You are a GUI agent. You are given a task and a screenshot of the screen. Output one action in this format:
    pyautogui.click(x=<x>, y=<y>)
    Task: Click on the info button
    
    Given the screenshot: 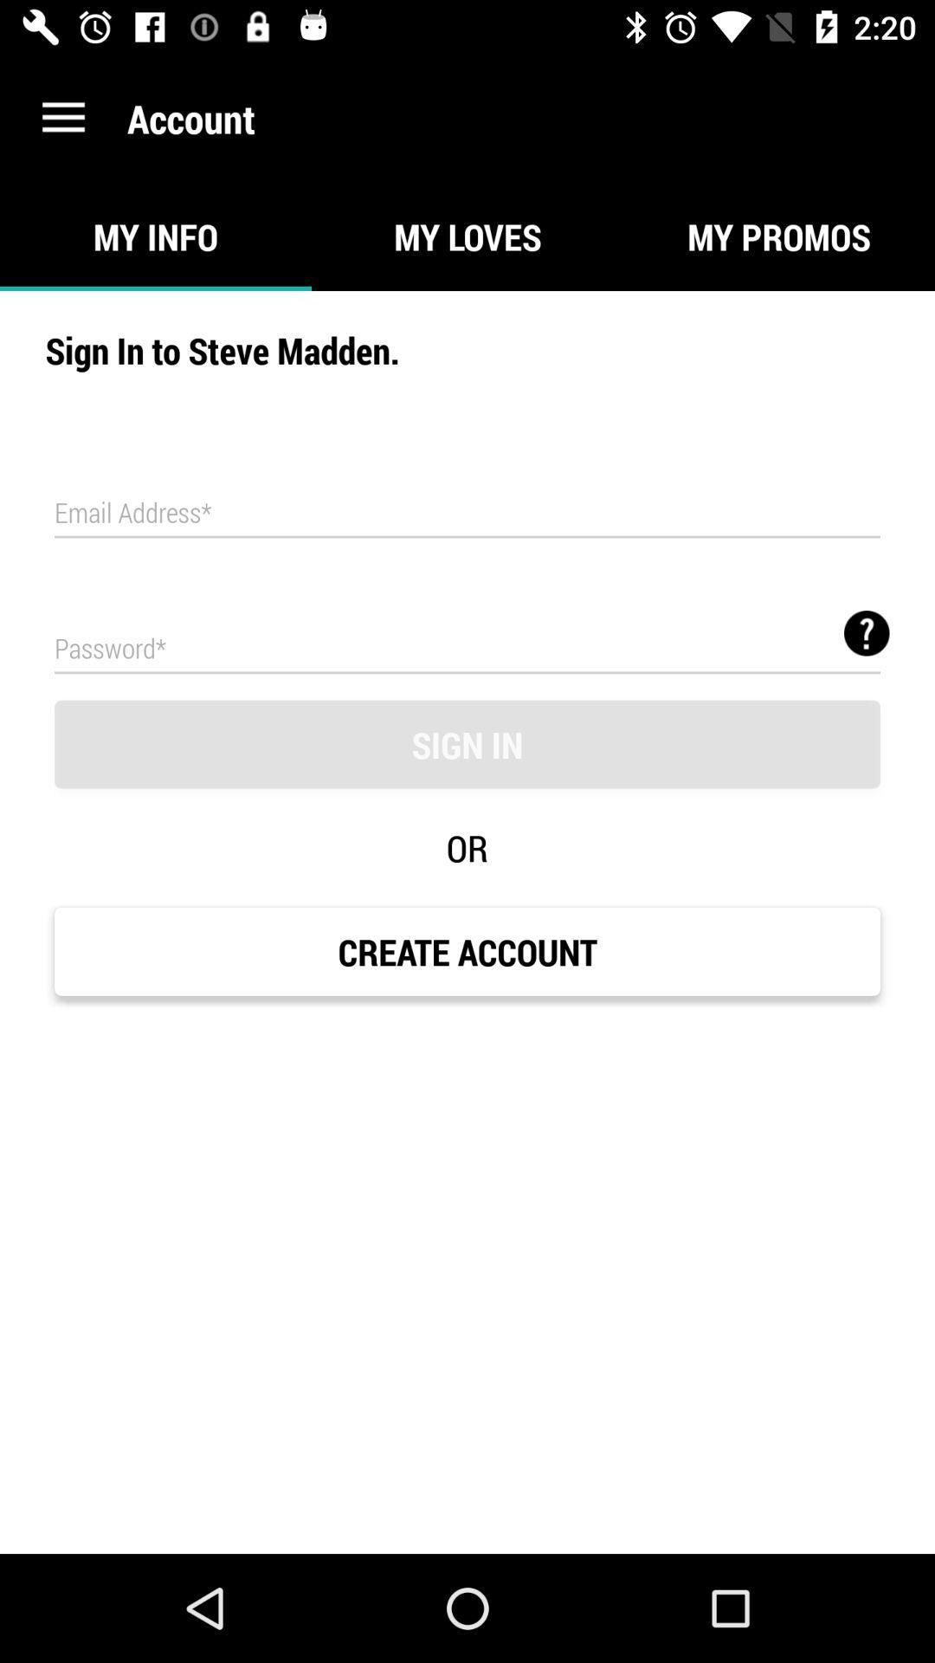 What is the action you would take?
    pyautogui.click(x=867, y=632)
    